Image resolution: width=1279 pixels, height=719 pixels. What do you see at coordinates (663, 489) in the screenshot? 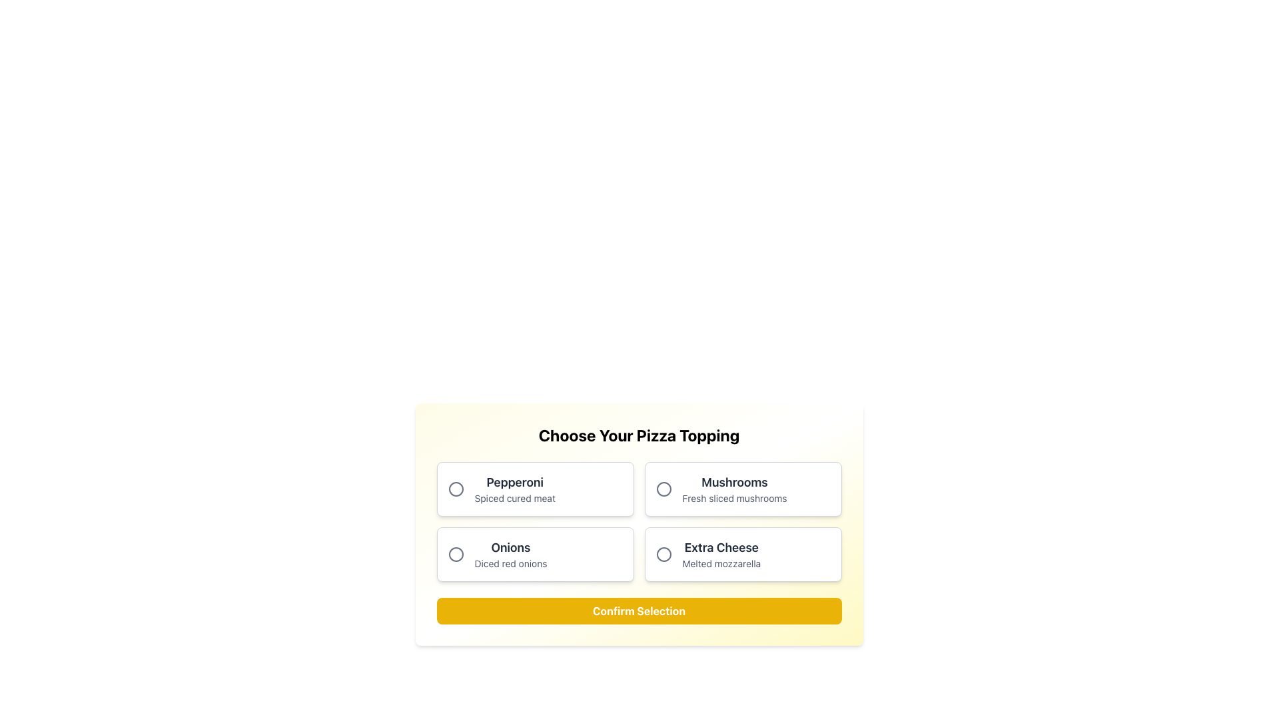
I see `the radio button for 'Mushrooms'` at bounding box center [663, 489].